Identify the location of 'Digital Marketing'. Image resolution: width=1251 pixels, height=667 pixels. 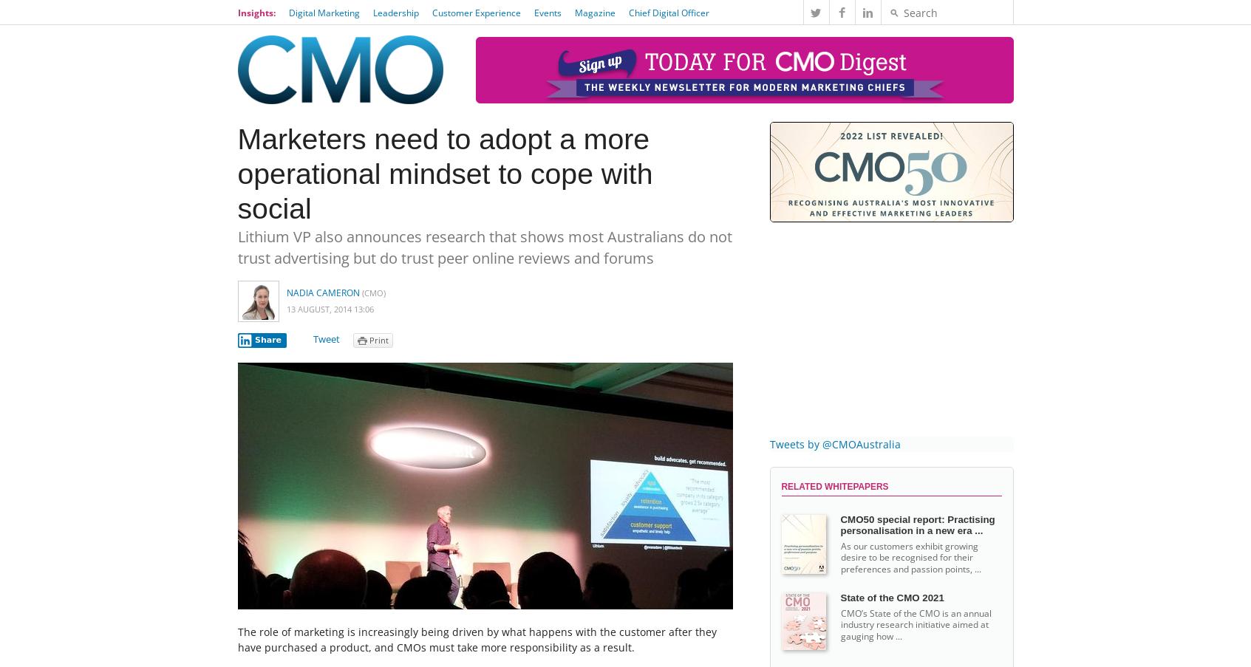
(322, 11).